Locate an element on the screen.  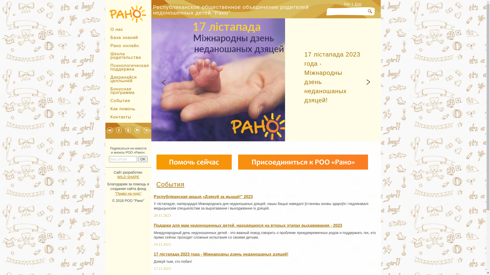
'WILD SHAPE' is located at coordinates (117, 176).